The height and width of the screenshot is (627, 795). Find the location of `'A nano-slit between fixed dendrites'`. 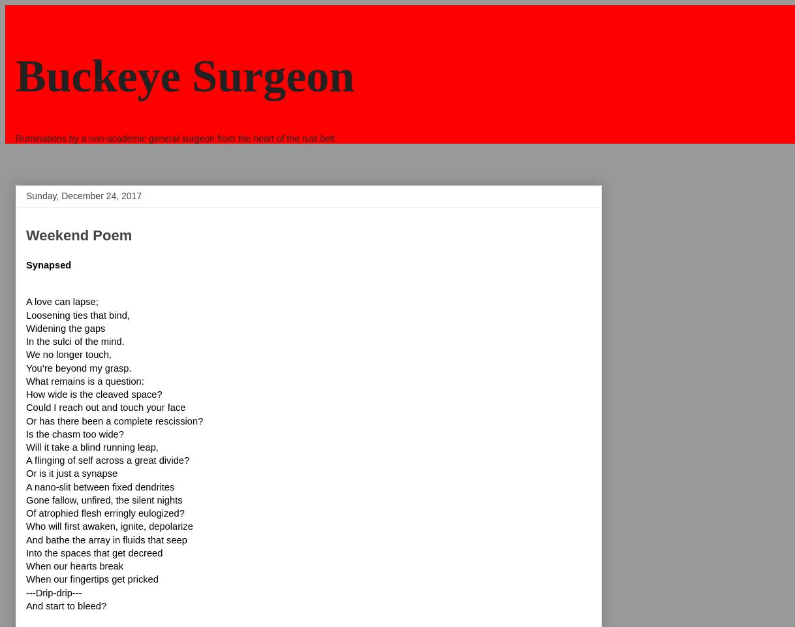

'A nano-slit between fixed dendrites' is located at coordinates (99, 485).